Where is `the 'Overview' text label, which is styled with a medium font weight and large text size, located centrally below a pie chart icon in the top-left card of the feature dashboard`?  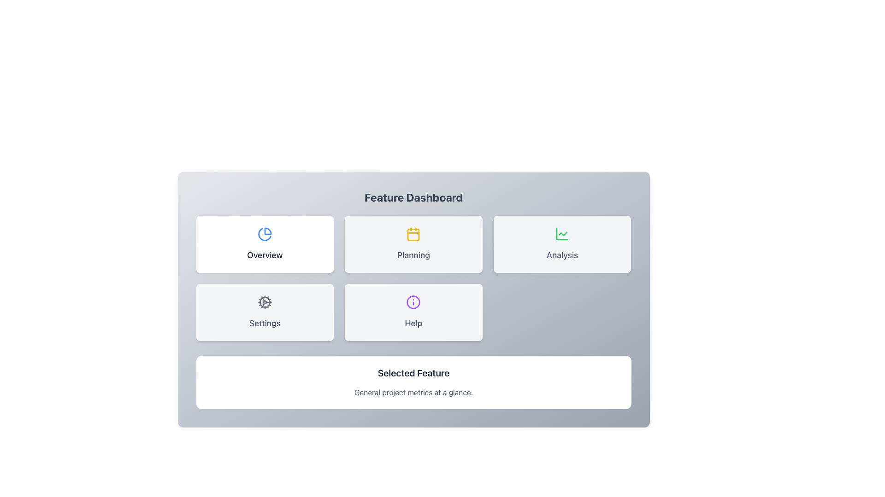
the 'Overview' text label, which is styled with a medium font weight and large text size, located centrally below a pie chart icon in the top-left card of the feature dashboard is located at coordinates (264, 255).